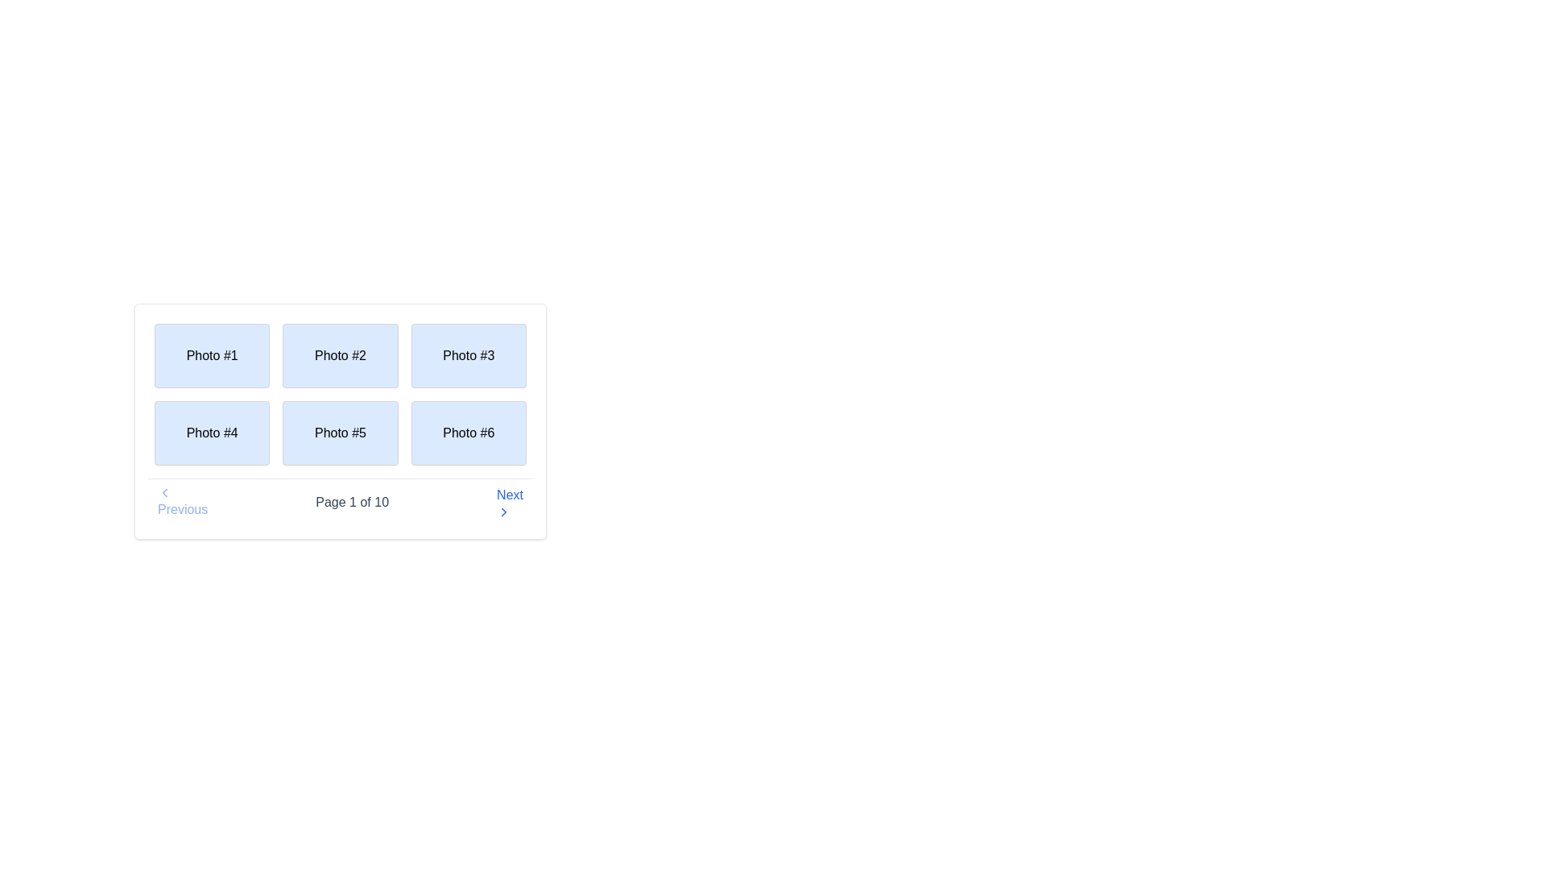 The height and width of the screenshot is (870, 1546). Describe the element at coordinates (351, 502) in the screenshot. I see `the text label displaying 'Page 1 of 10', which is centrally located within the navigation control bar, between the 'Previous' and 'Next' buttons` at that location.